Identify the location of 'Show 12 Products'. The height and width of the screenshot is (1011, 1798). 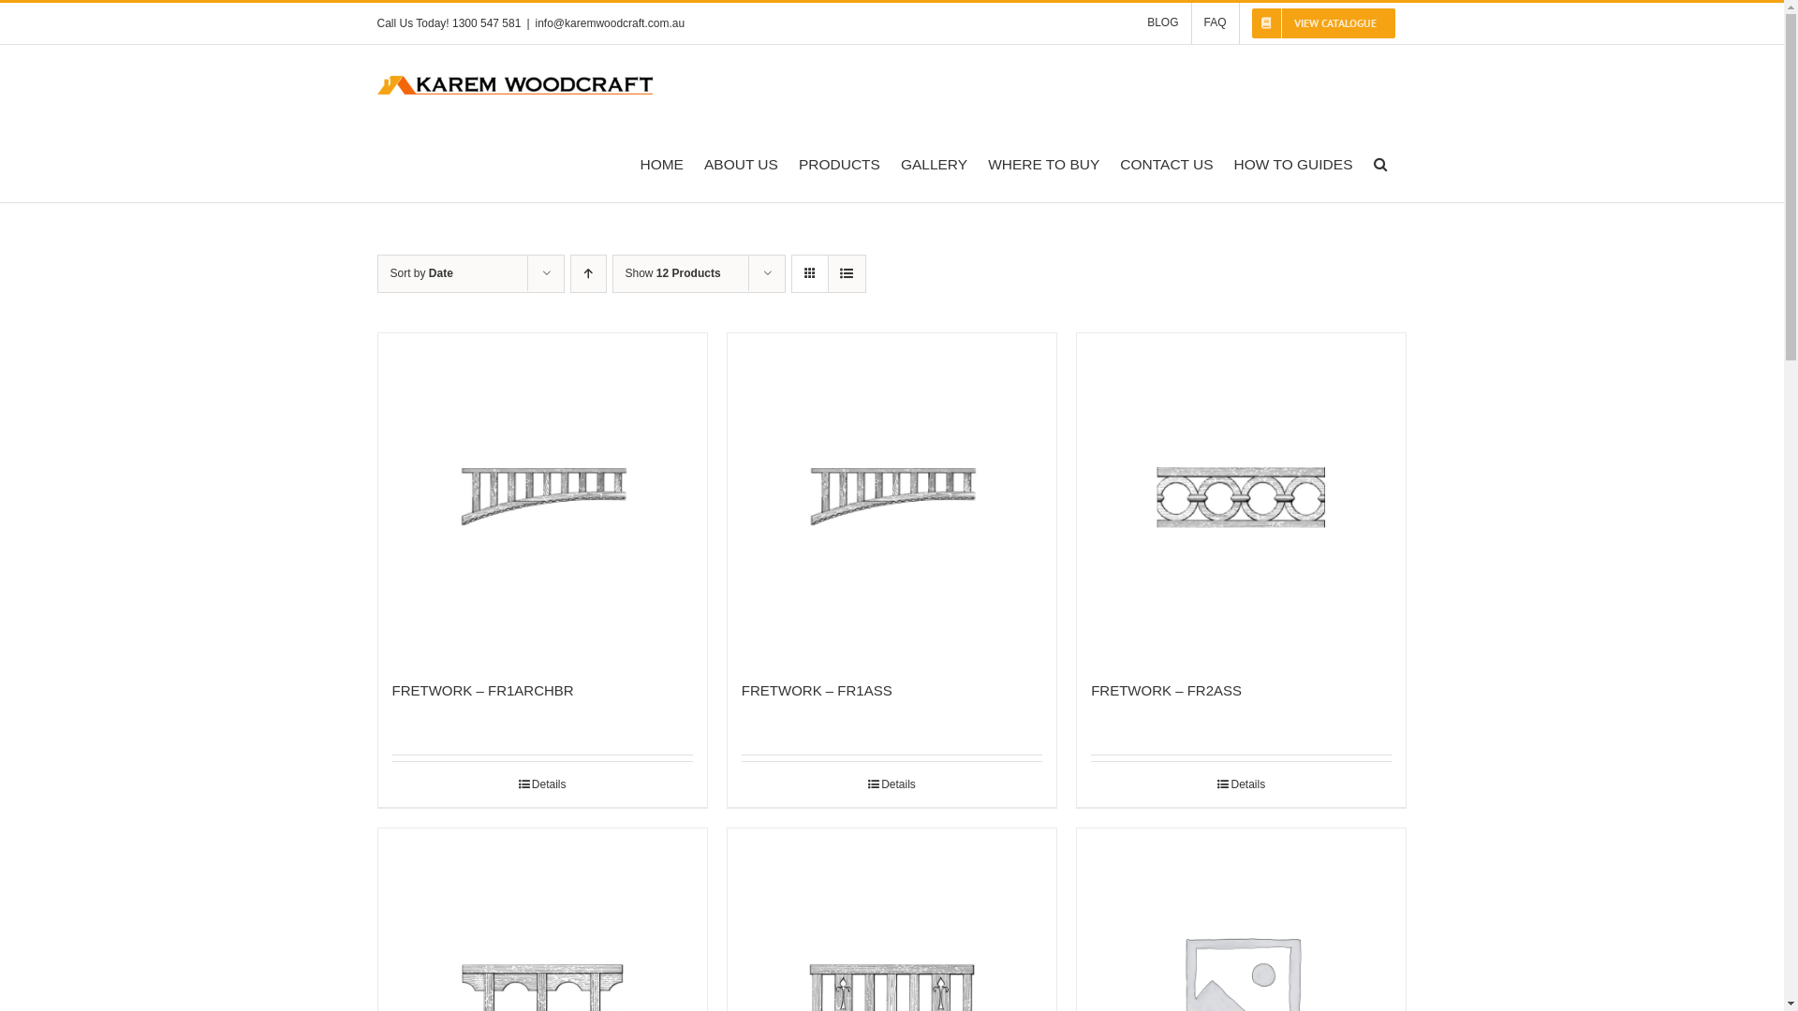
(673, 273).